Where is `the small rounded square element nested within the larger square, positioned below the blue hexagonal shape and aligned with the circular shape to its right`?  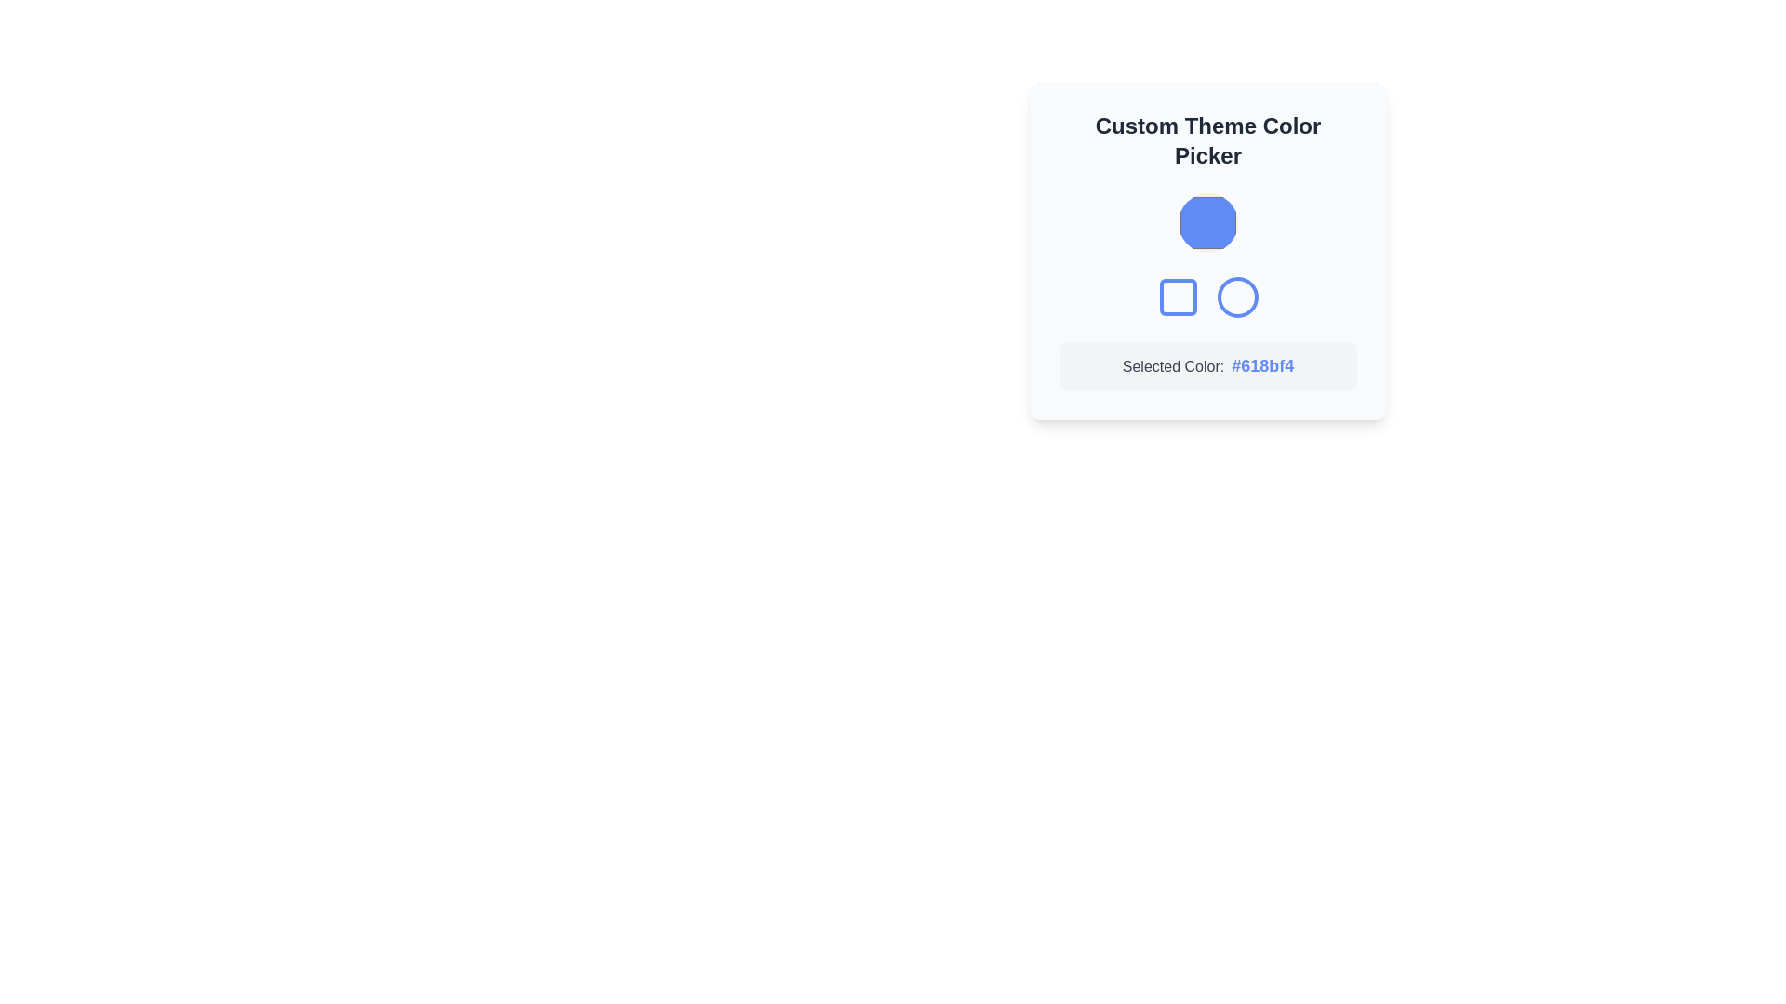 the small rounded square element nested within the larger square, positioned below the blue hexagonal shape and aligned with the circular shape to its right is located at coordinates (1178, 297).